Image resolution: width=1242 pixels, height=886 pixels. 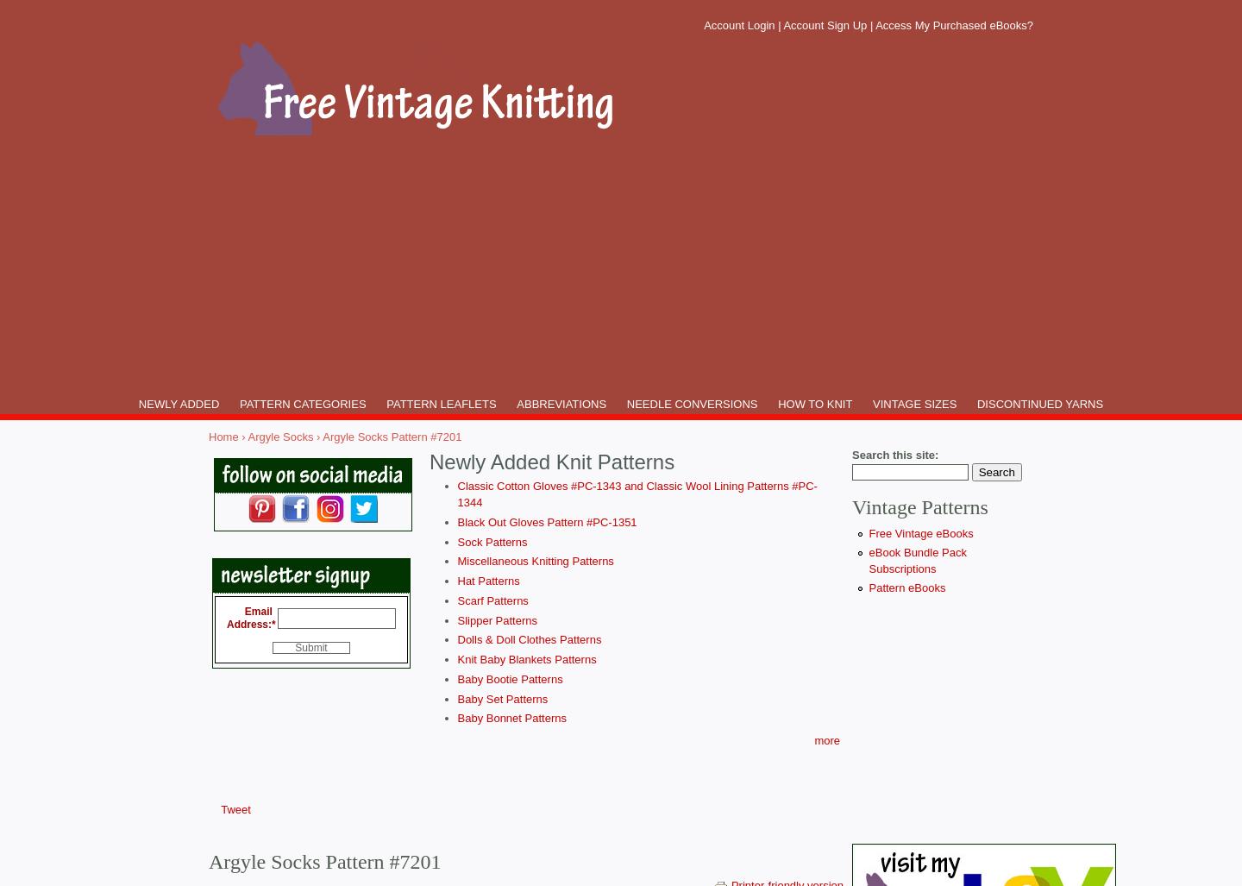 What do you see at coordinates (238, 404) in the screenshot?
I see `'PATTERN CATEGORIES'` at bounding box center [238, 404].